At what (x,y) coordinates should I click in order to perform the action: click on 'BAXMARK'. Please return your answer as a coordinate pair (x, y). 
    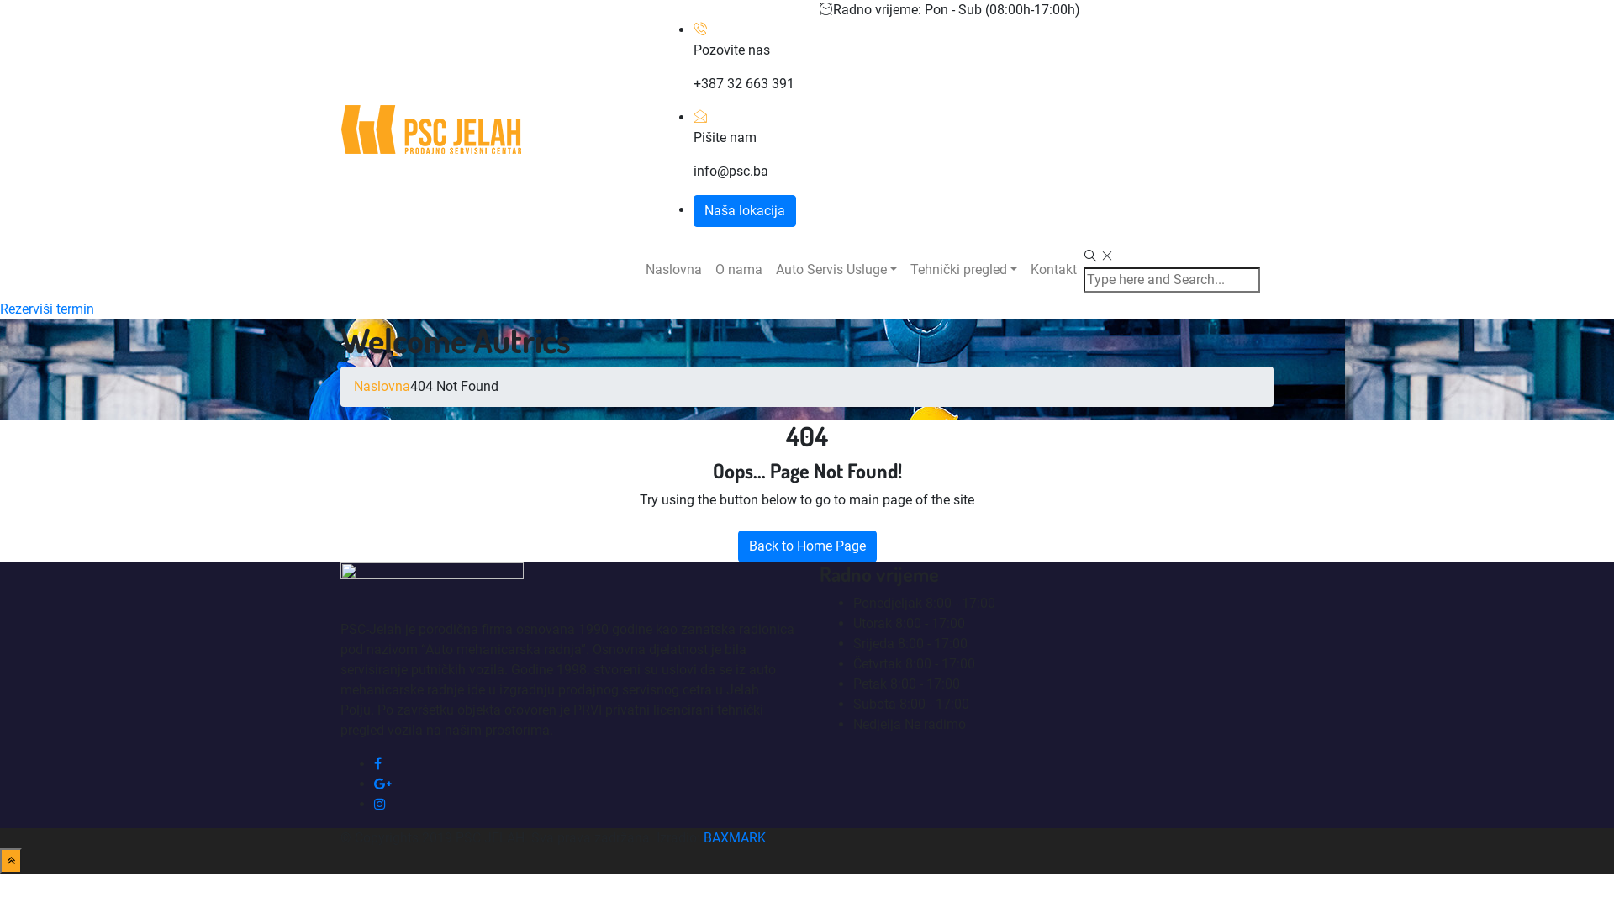
    Looking at the image, I should click on (734, 837).